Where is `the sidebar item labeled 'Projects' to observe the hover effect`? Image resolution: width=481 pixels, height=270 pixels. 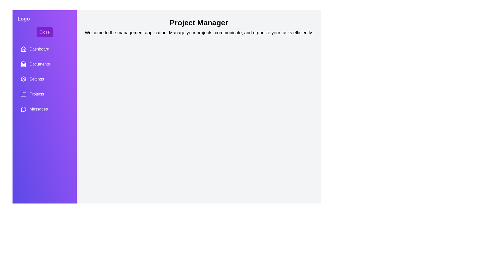 the sidebar item labeled 'Projects' to observe the hover effect is located at coordinates (44, 94).